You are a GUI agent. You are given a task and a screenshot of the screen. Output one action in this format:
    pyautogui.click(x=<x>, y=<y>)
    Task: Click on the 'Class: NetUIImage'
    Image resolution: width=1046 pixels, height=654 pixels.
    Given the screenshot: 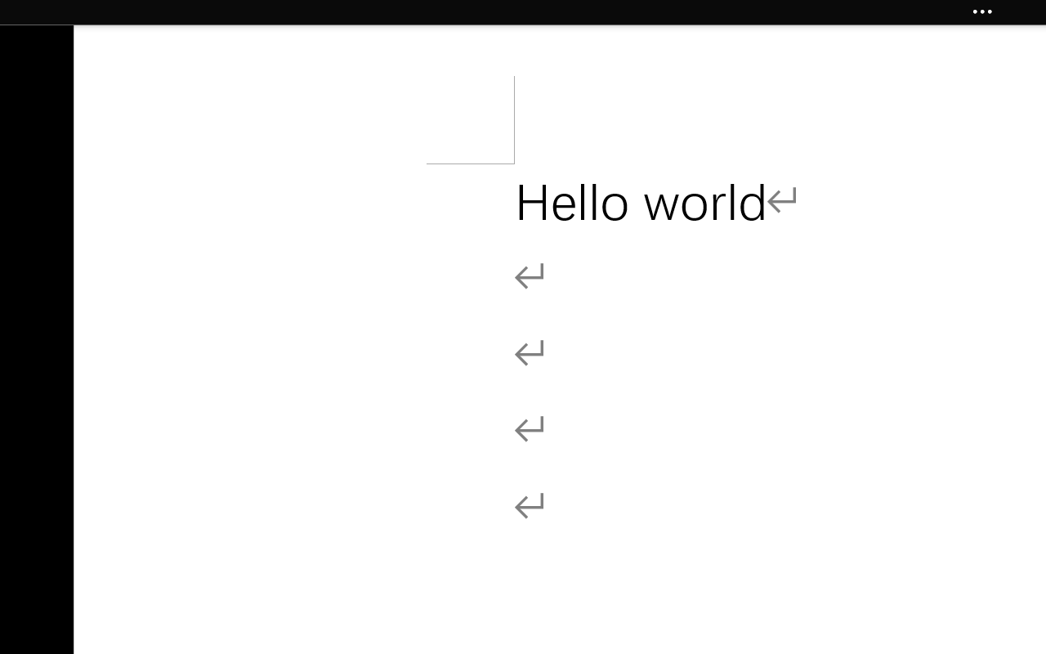 What is the action you would take?
    pyautogui.click(x=981, y=12)
    